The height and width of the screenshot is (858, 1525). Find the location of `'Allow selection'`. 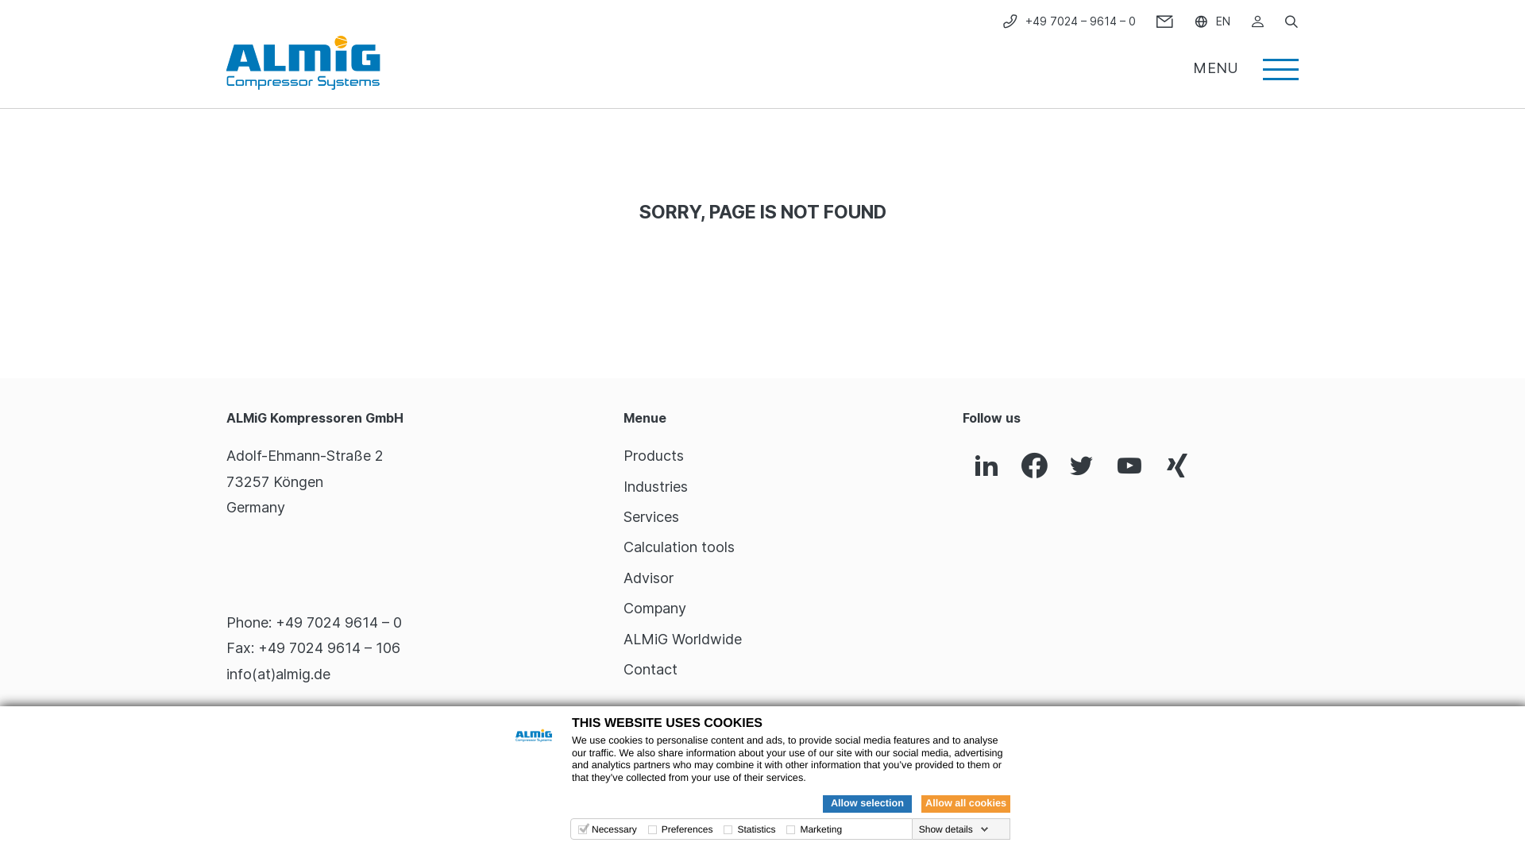

'Allow selection' is located at coordinates (866, 803).